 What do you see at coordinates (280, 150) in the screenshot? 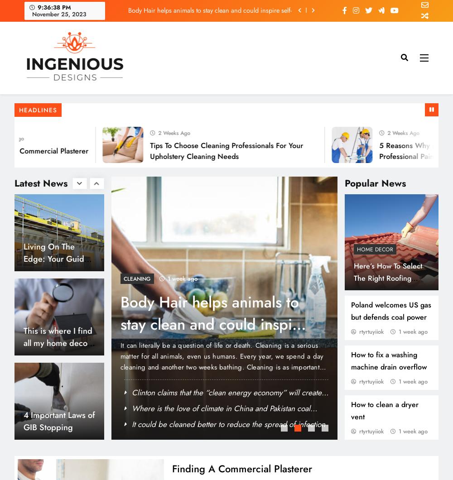
I see `'Poland welcomes US gas but defends coal power'` at bounding box center [280, 150].